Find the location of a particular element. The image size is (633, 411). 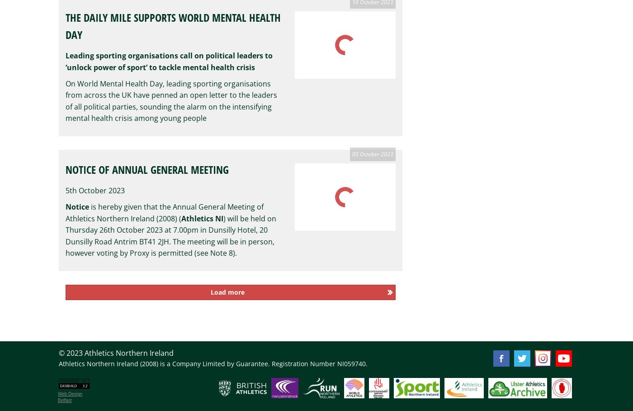

'On World Mental Health Day, leading sporting organisations from across the UK have penned an open letter to the leaders of all political parties, sounding the alarm on the intensifying mental health crisis among young people' is located at coordinates (171, 100).